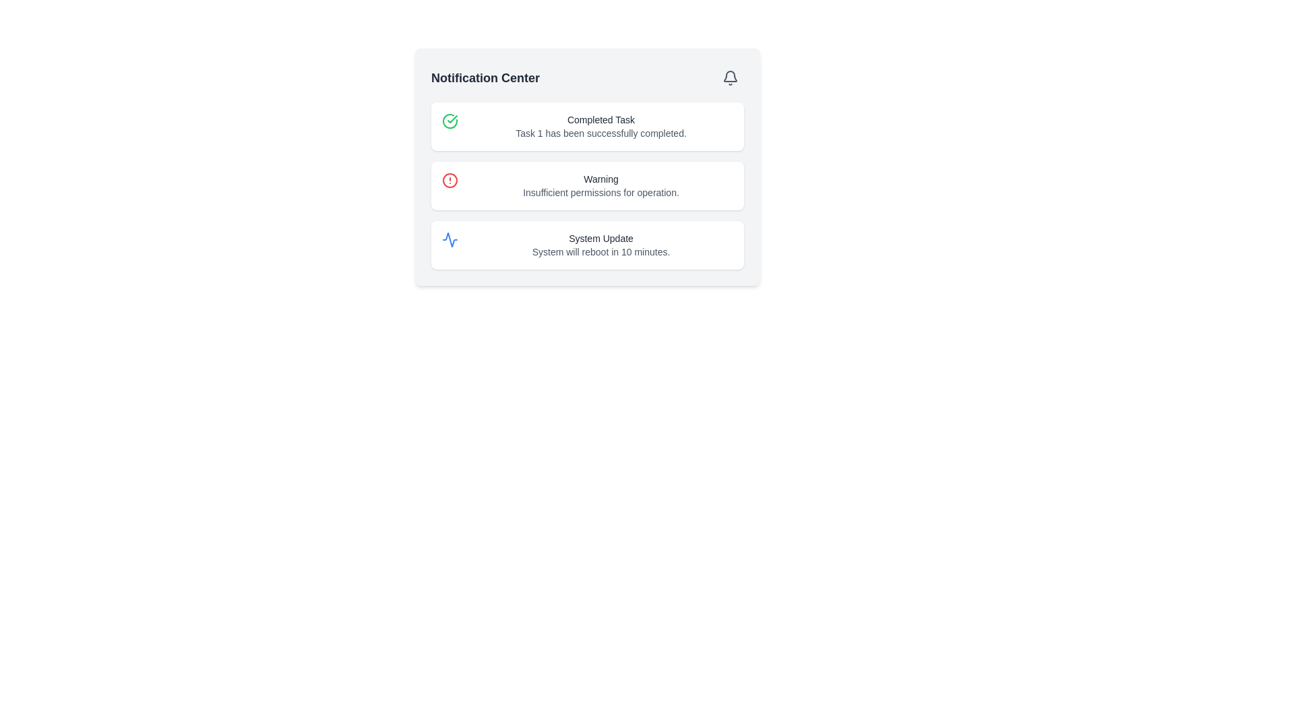 This screenshot has width=1294, height=728. Describe the element at coordinates (730, 78) in the screenshot. I see `the bell-shaped notification icon located in the top-right corner of the 'Notification Center' card` at that location.